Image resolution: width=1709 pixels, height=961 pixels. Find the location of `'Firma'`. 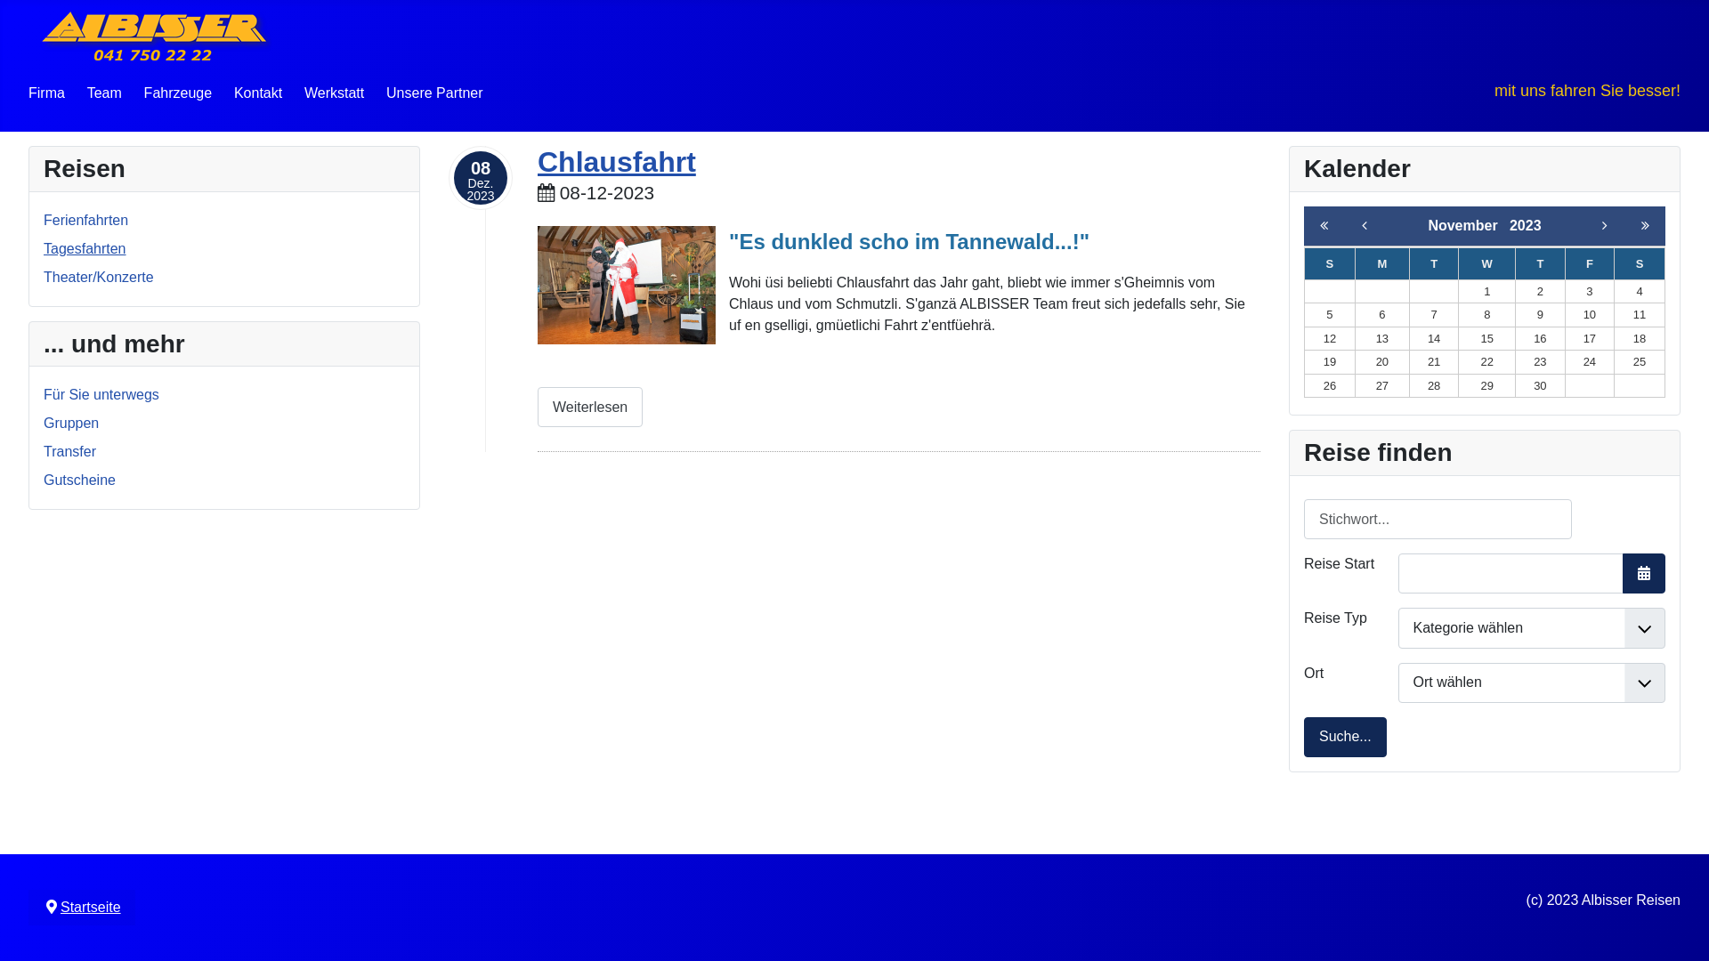

'Firma' is located at coordinates (46, 93).